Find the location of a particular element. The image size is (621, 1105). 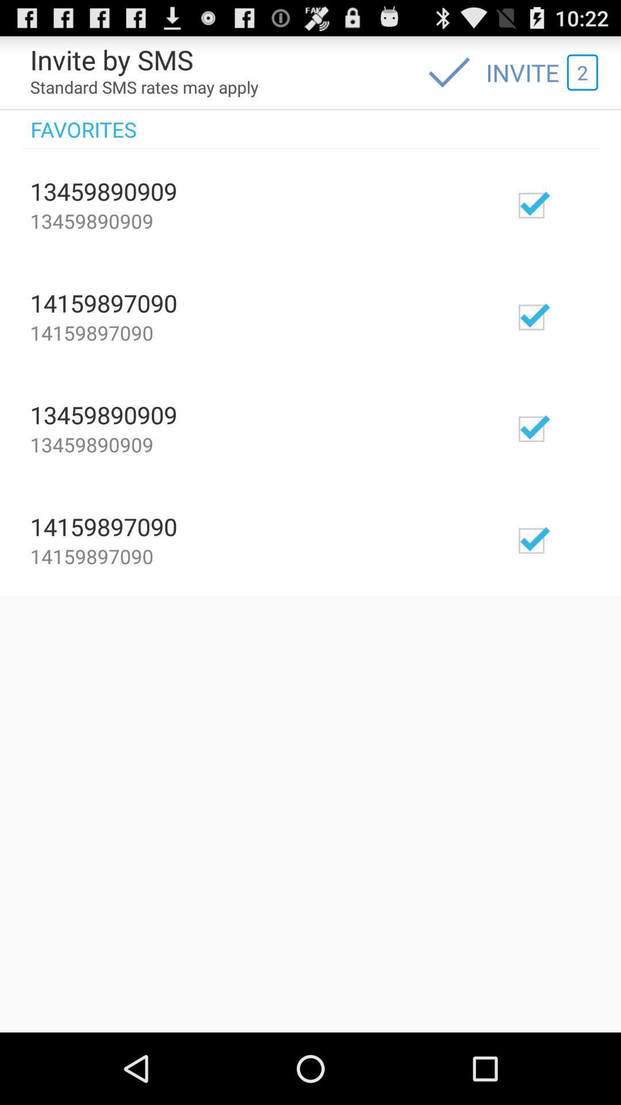

invite is located at coordinates (565, 539).